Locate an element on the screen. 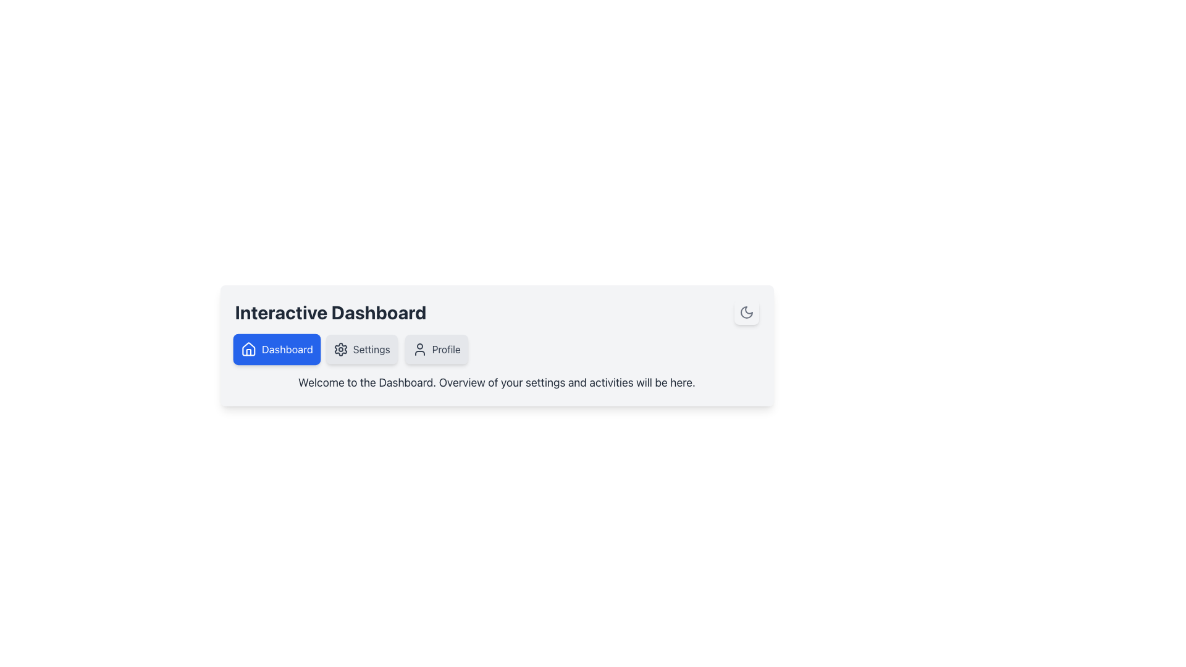 The image size is (1186, 667). the 'Settings' text label, which is part of a button adjacent to a gear icon is located at coordinates (371, 350).